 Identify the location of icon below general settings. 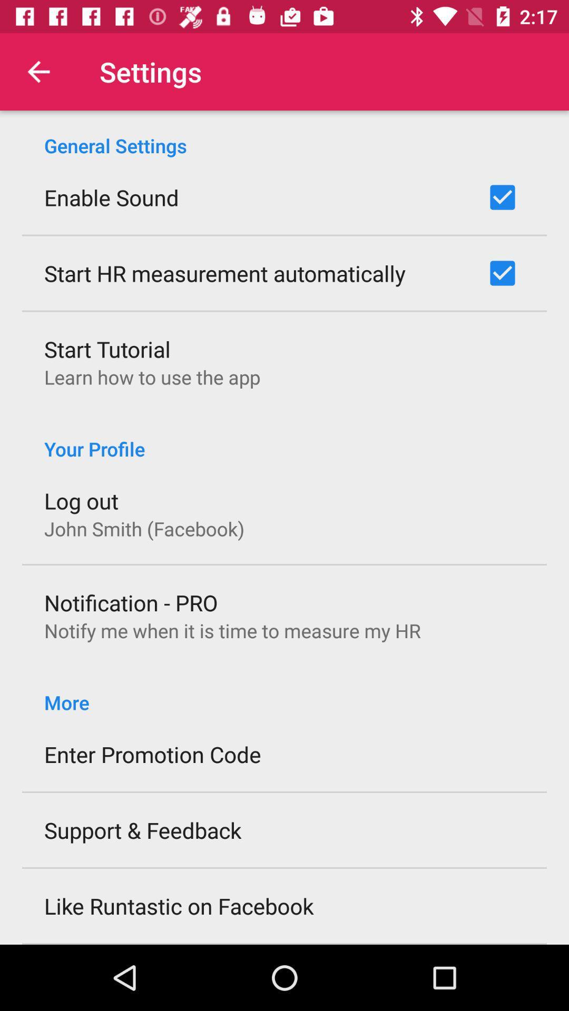
(111, 197).